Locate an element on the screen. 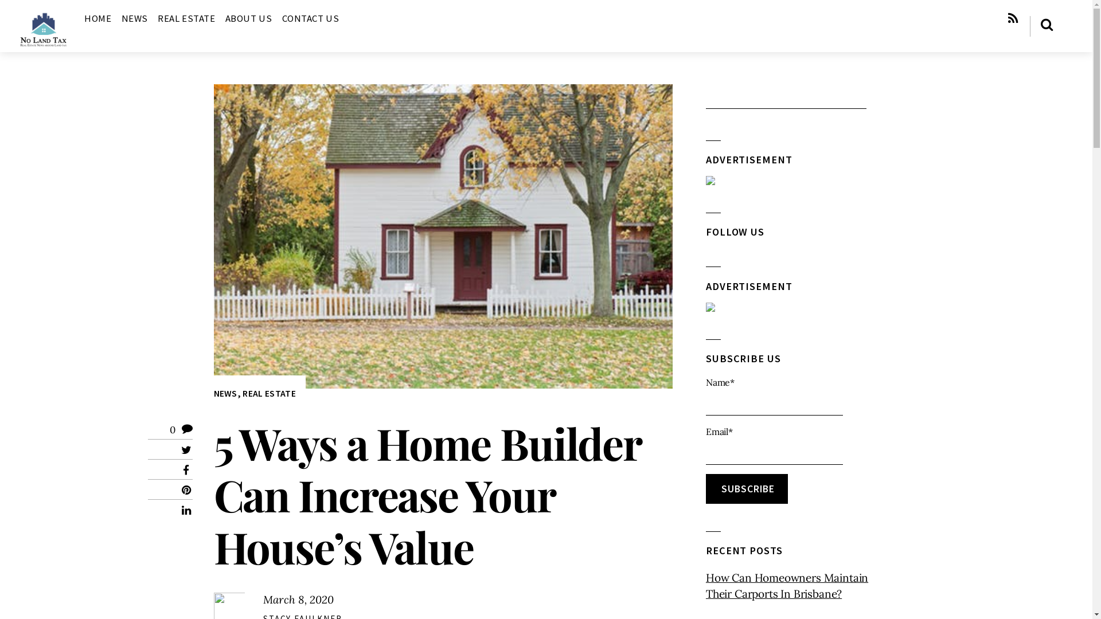 Image resolution: width=1101 pixels, height=619 pixels. 'How Can Homeowners Maintain Their Carports In Brisbane?' is located at coordinates (792, 586).